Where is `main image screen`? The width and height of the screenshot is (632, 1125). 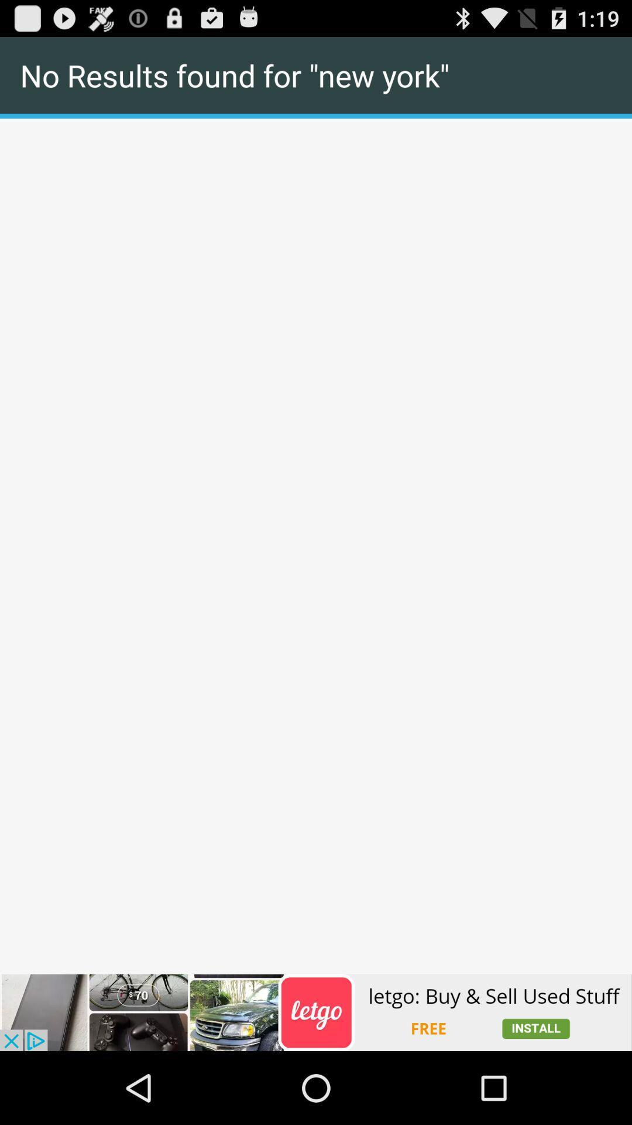 main image screen is located at coordinates (316, 119).